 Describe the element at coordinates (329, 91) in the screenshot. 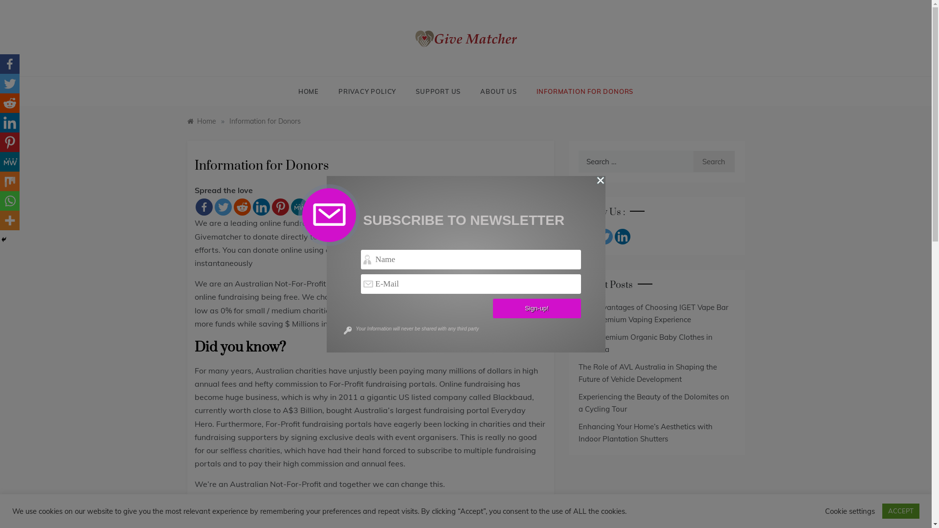

I see `'PRIVACY POLICY'` at that location.